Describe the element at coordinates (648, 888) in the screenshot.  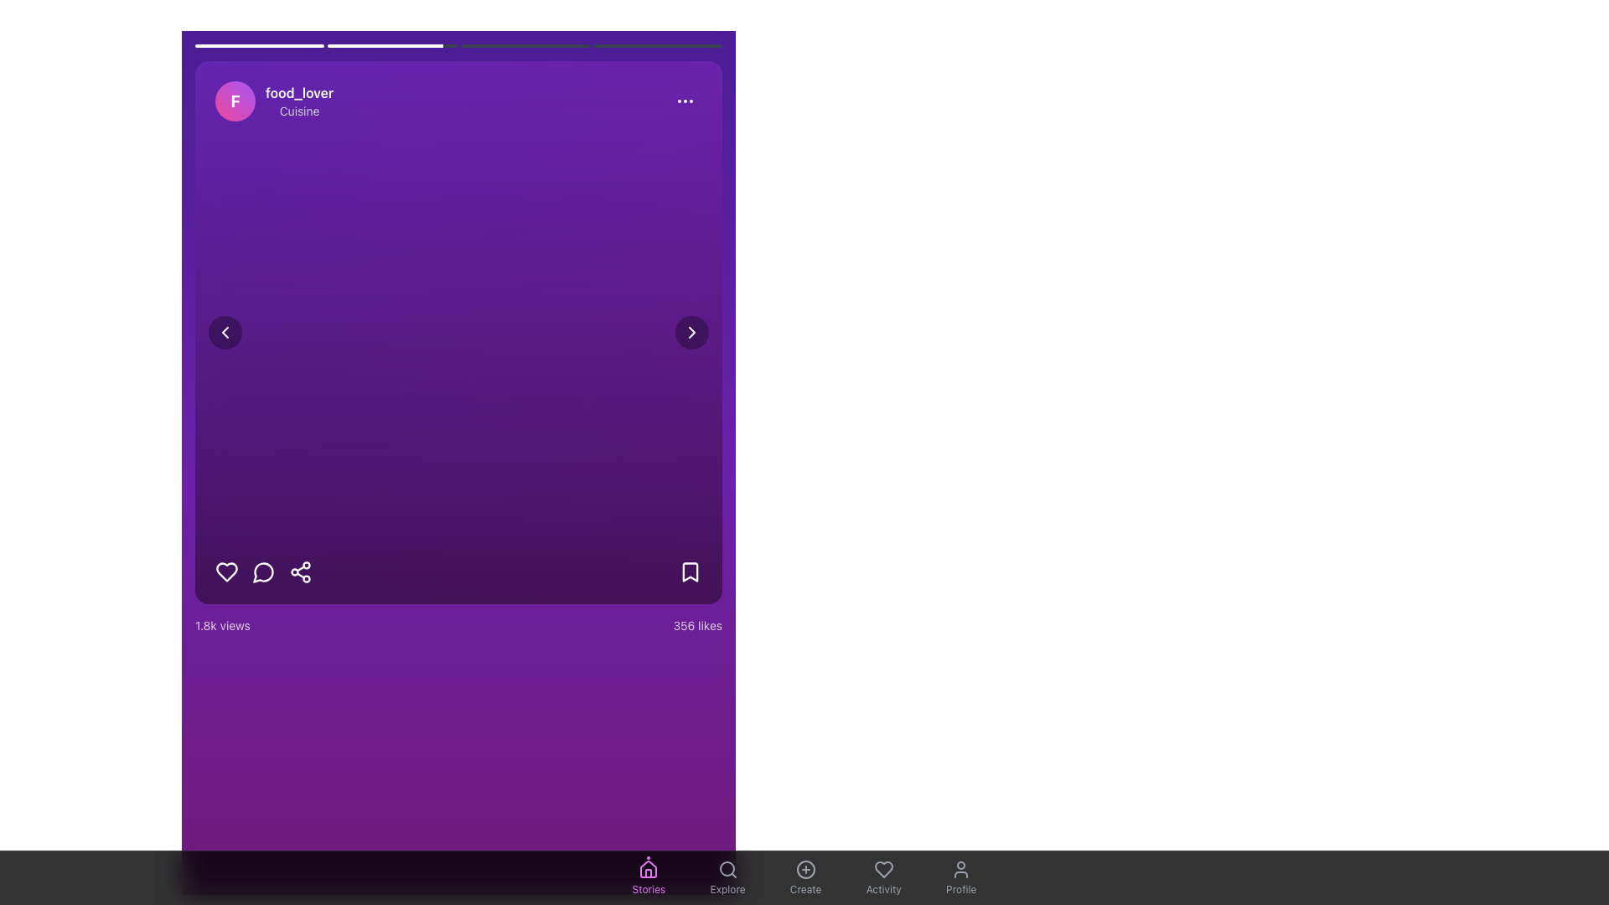
I see `the 'Stories' text label, which is styled in fuchsia and positioned centrally below the house-shaped icon in the bottom navigation bar` at that location.